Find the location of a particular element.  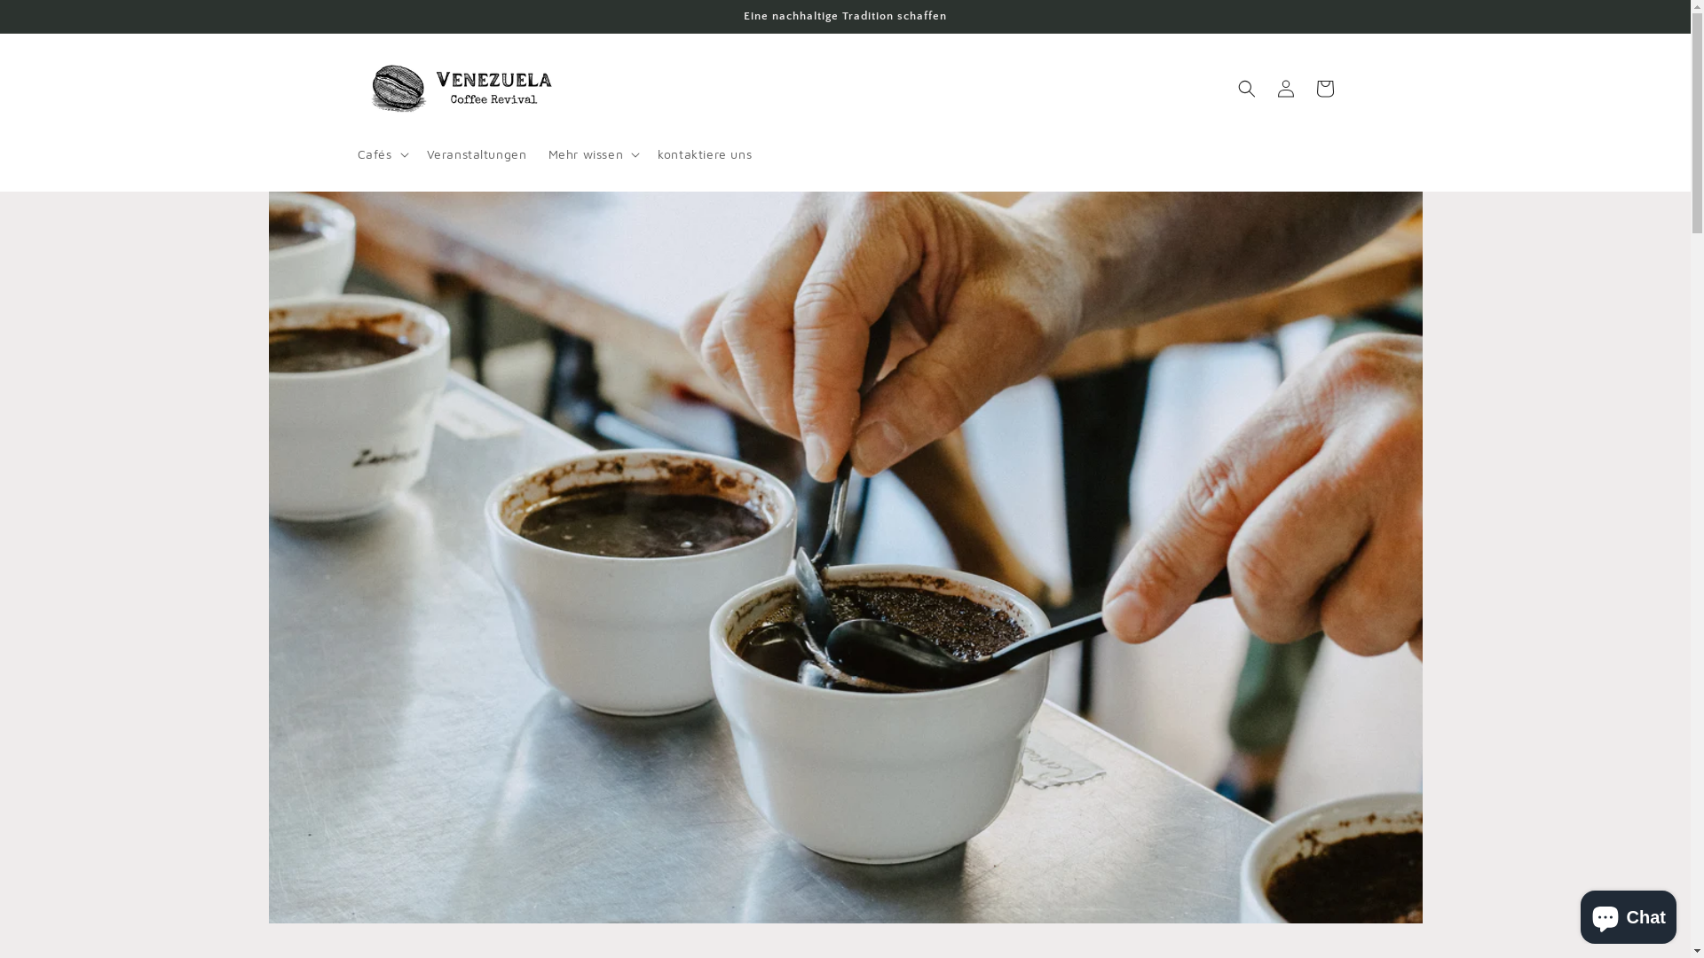

'Veranstaltungen' is located at coordinates (476, 153).